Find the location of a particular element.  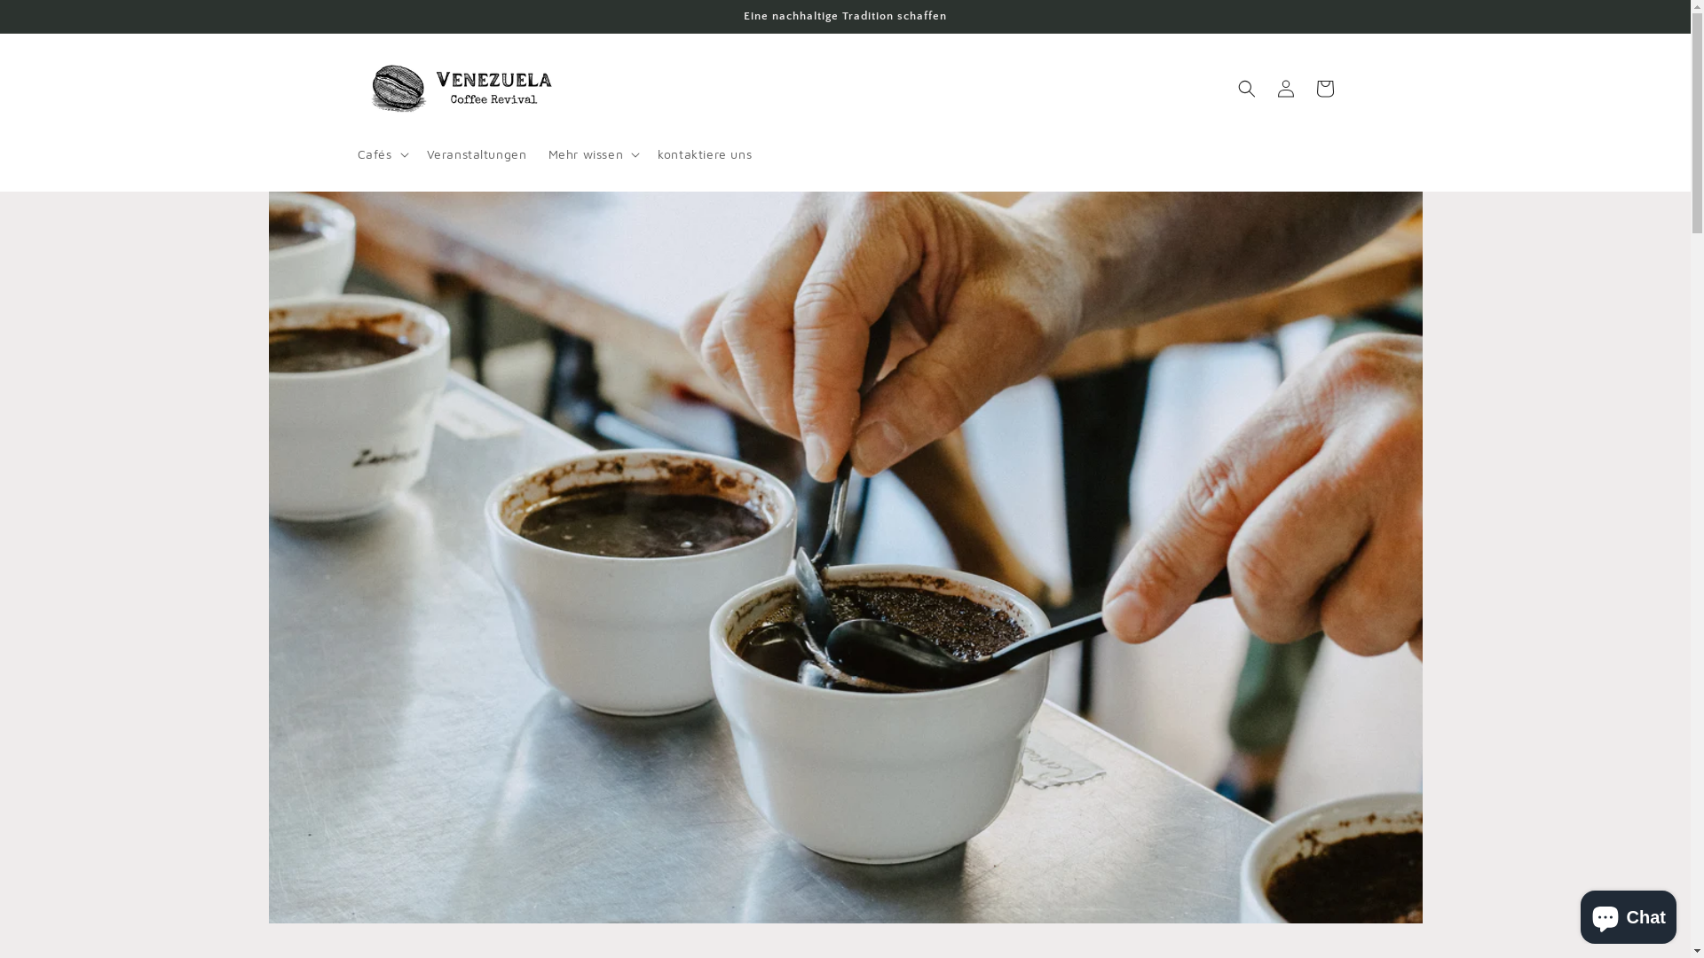

'Veranstaltungen' is located at coordinates (476, 153).